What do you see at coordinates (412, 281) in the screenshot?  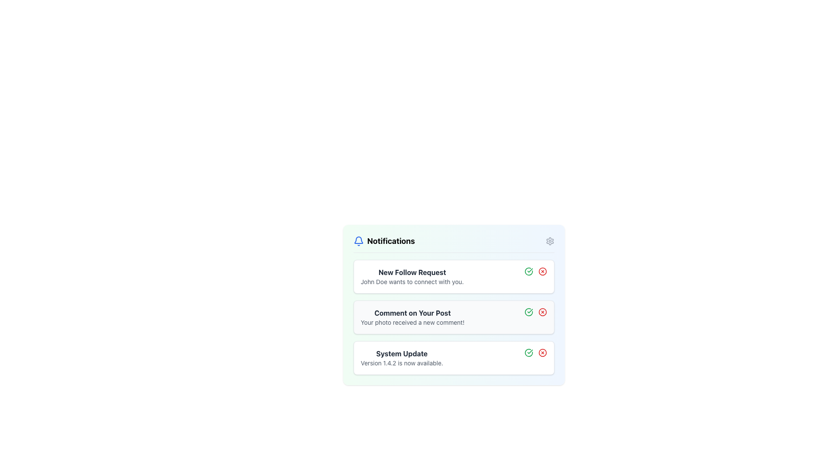 I see `the text label that reads 'John Doe wants to connect with you.' located directly under the bold title 'New Follow Request' in the notification item` at bounding box center [412, 281].